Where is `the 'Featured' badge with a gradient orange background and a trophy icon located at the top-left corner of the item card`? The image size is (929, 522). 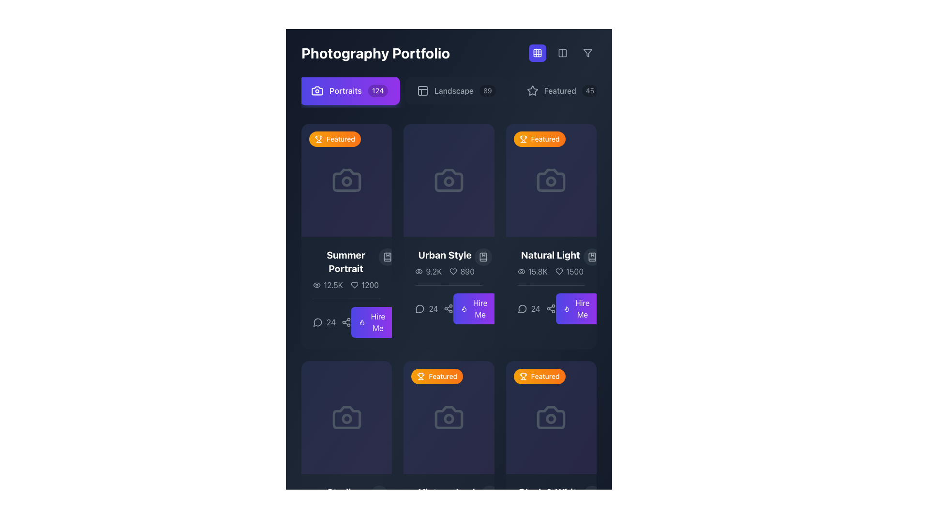 the 'Featured' badge with a gradient orange background and a trophy icon located at the top-left corner of the item card is located at coordinates (539, 139).